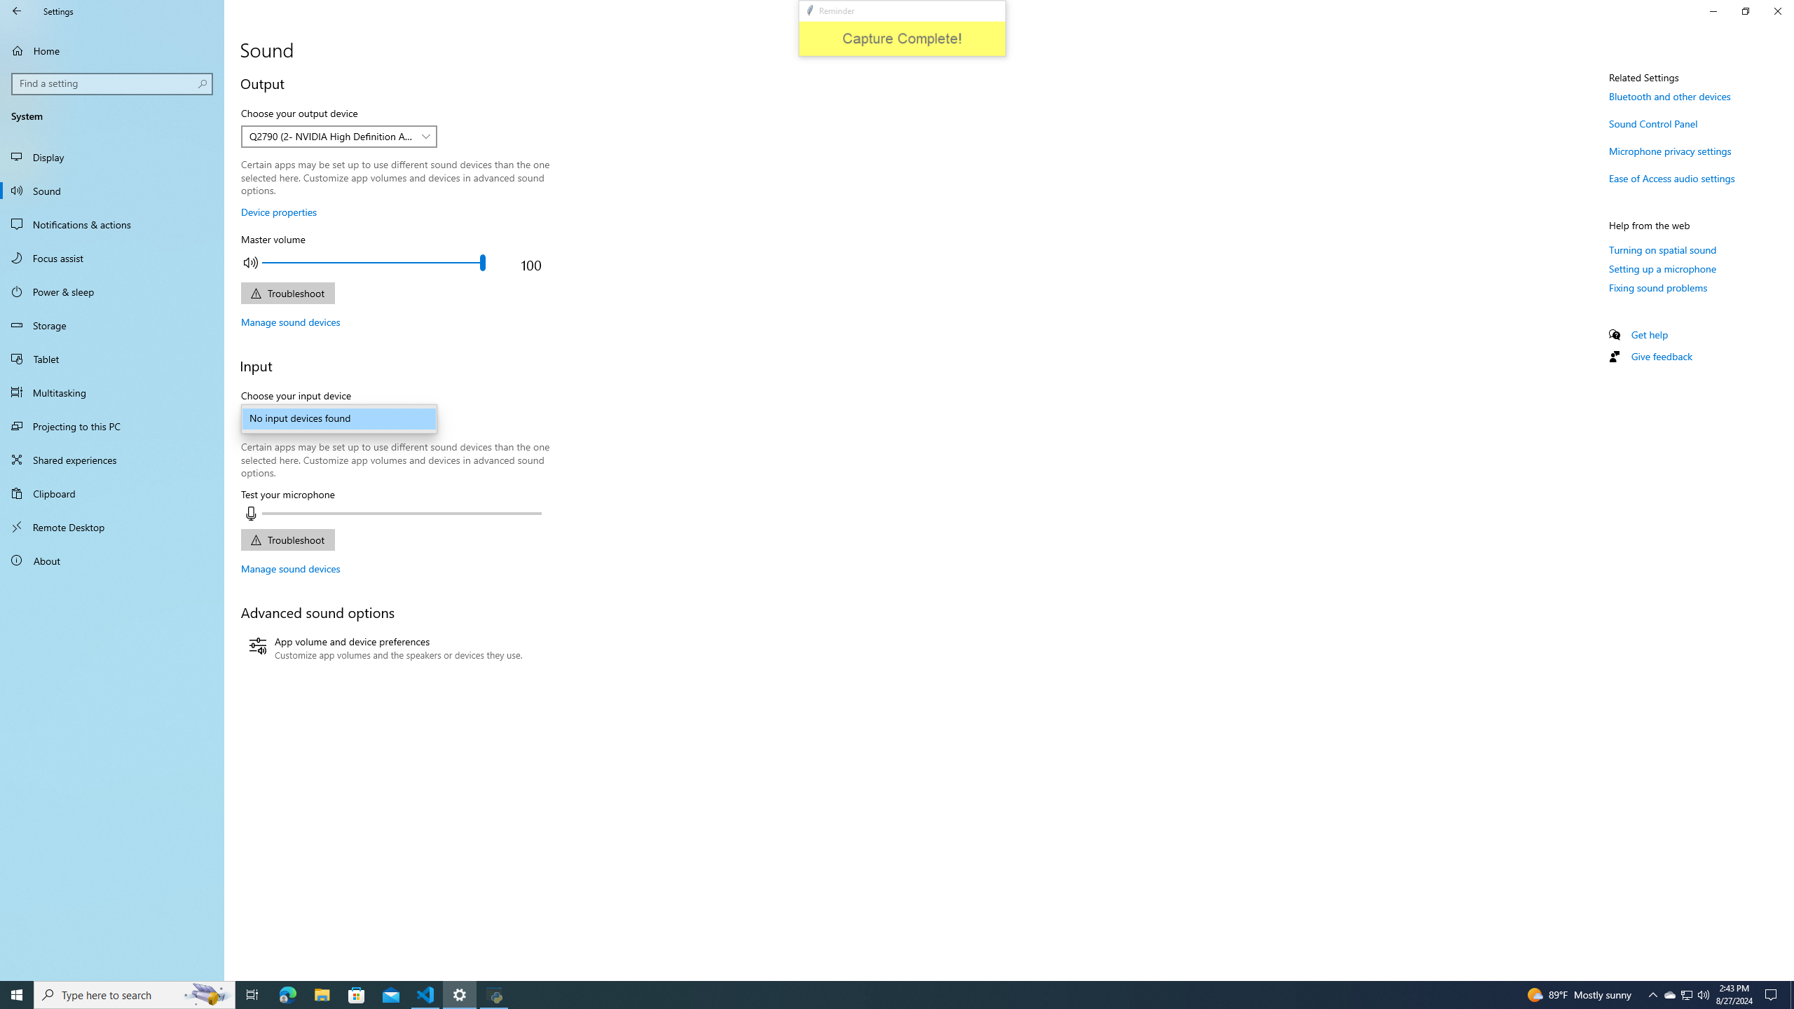 This screenshot has width=1794, height=1009. I want to click on 'Turning on spatial sound', so click(1662, 249).